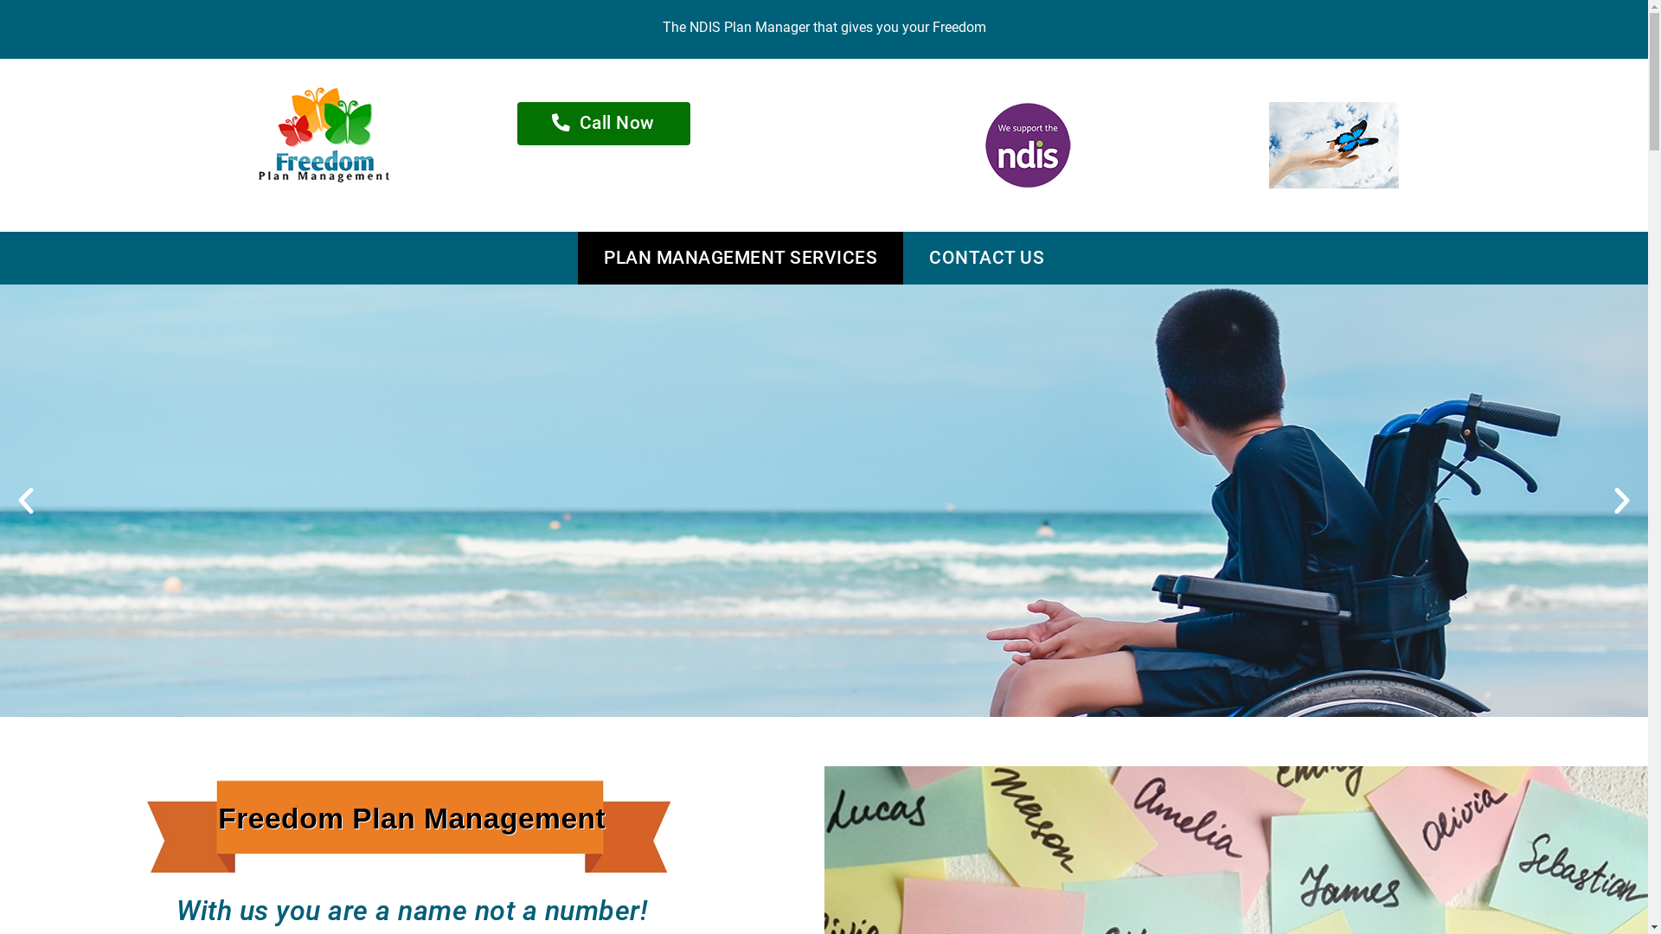 Image resolution: width=1661 pixels, height=934 pixels. Describe the element at coordinates (603, 122) in the screenshot. I see `'Call Now'` at that location.